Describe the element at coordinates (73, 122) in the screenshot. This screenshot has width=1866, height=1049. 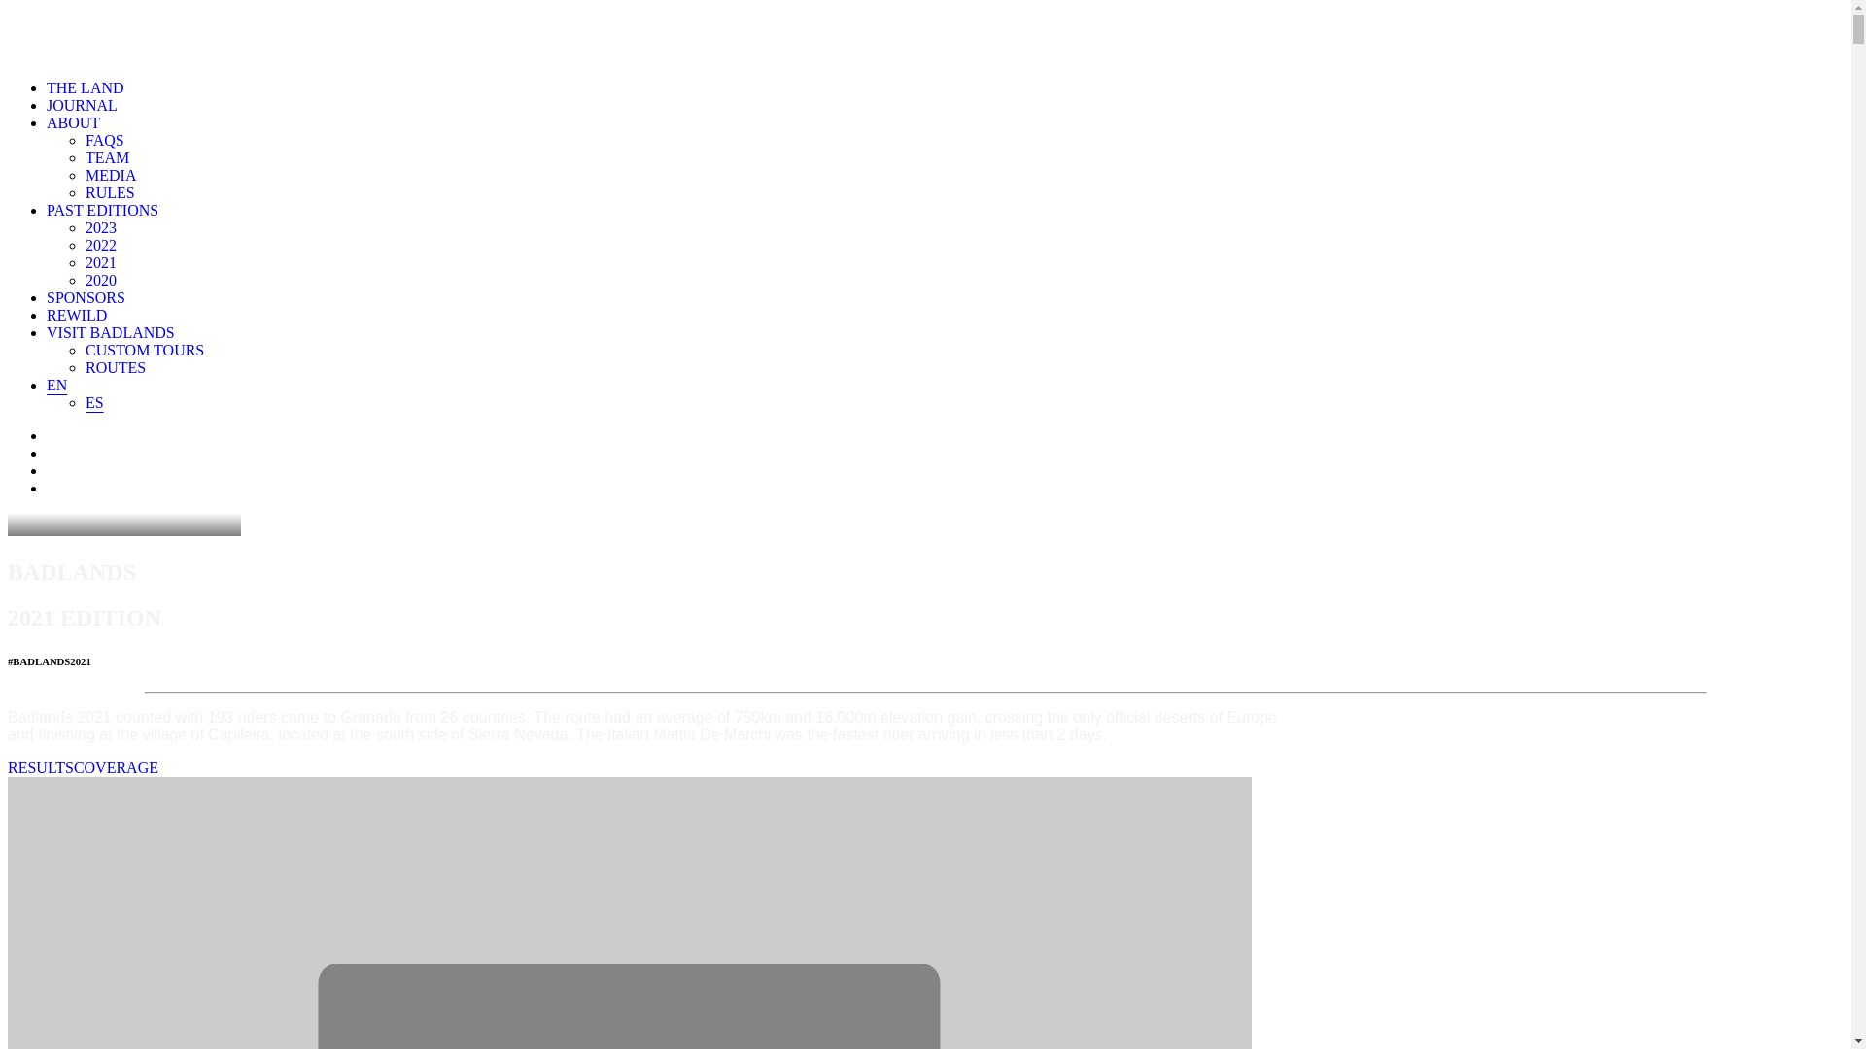
I see `'ABOUT'` at that location.